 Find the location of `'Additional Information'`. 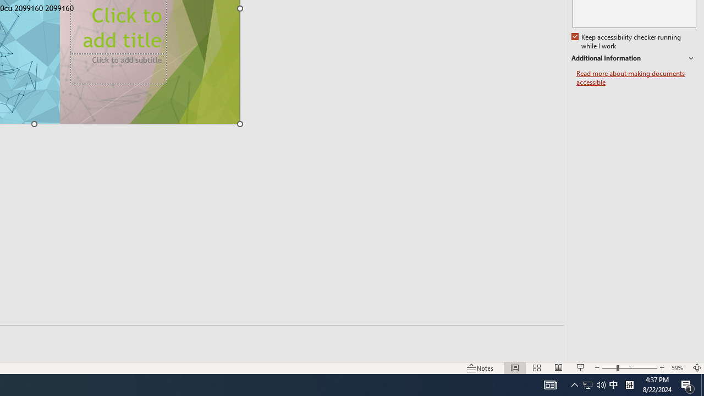

'Additional Information' is located at coordinates (634, 58).